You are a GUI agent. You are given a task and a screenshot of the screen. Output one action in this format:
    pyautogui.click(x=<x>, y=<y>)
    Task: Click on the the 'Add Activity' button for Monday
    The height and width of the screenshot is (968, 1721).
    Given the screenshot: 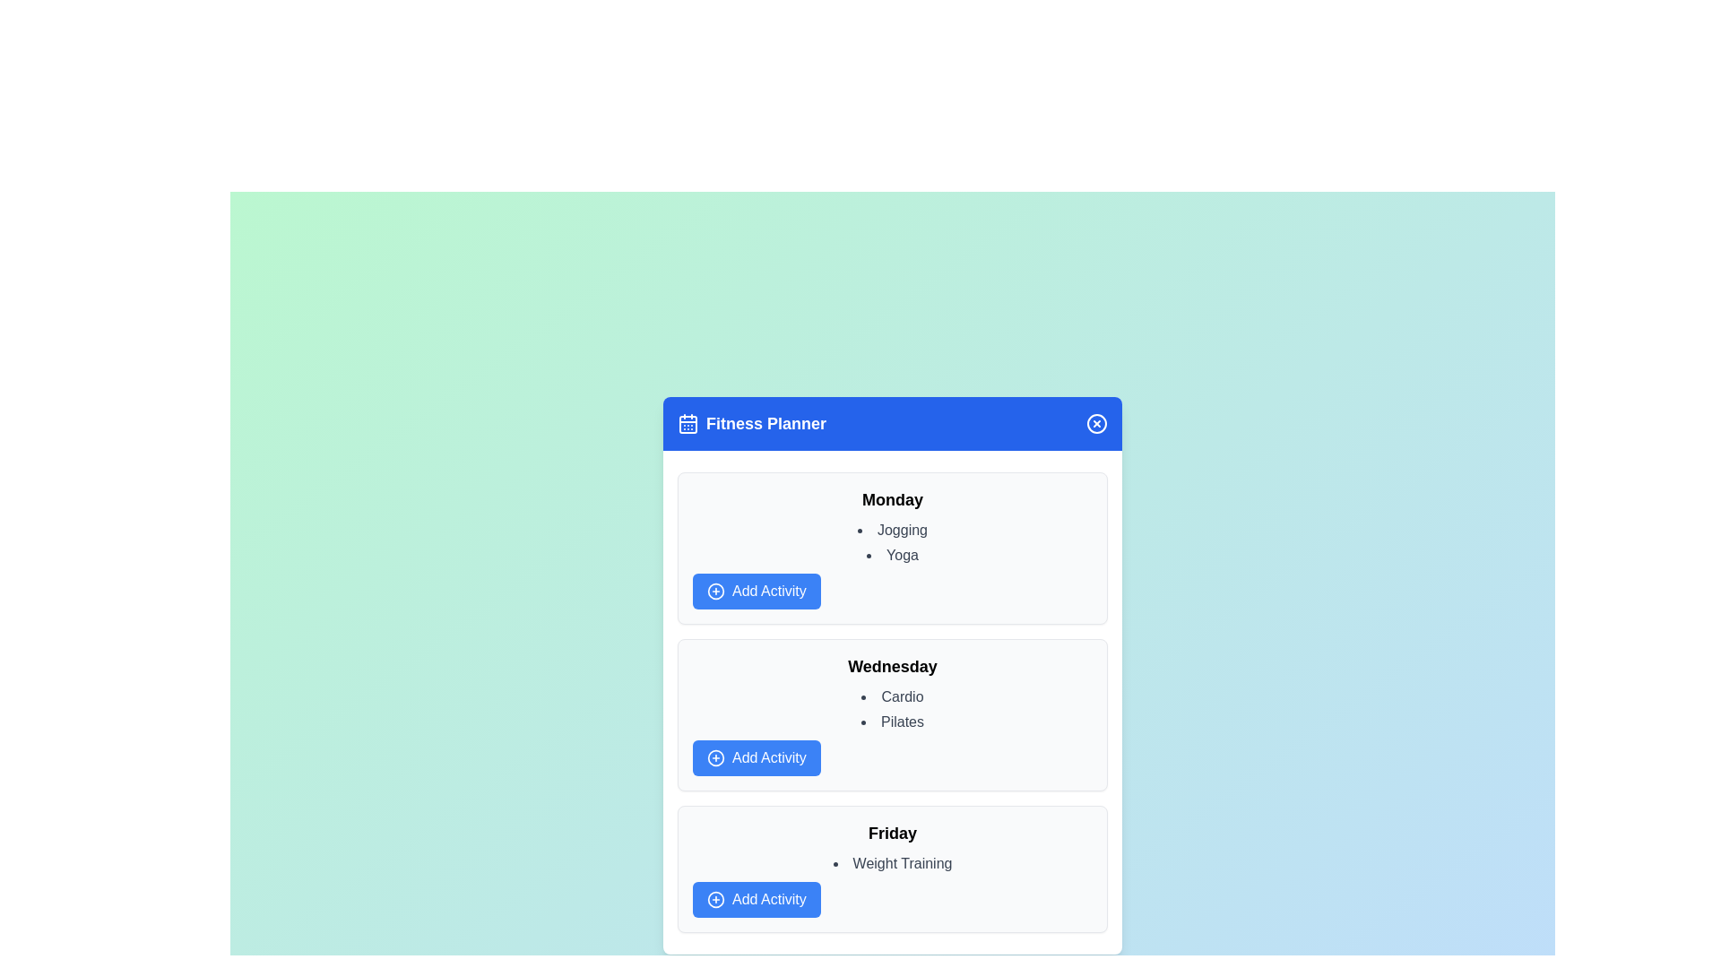 What is the action you would take?
    pyautogui.click(x=757, y=591)
    